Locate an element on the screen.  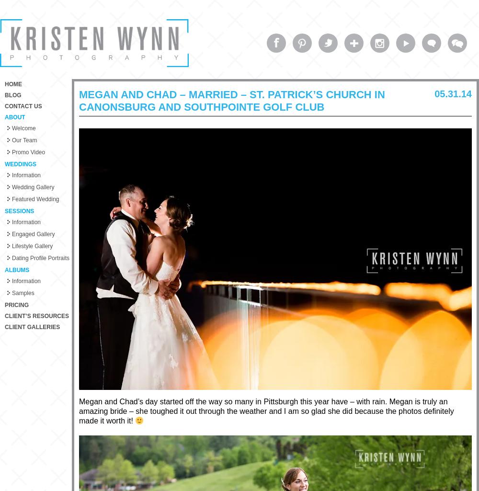
'Samples' is located at coordinates (23, 293).